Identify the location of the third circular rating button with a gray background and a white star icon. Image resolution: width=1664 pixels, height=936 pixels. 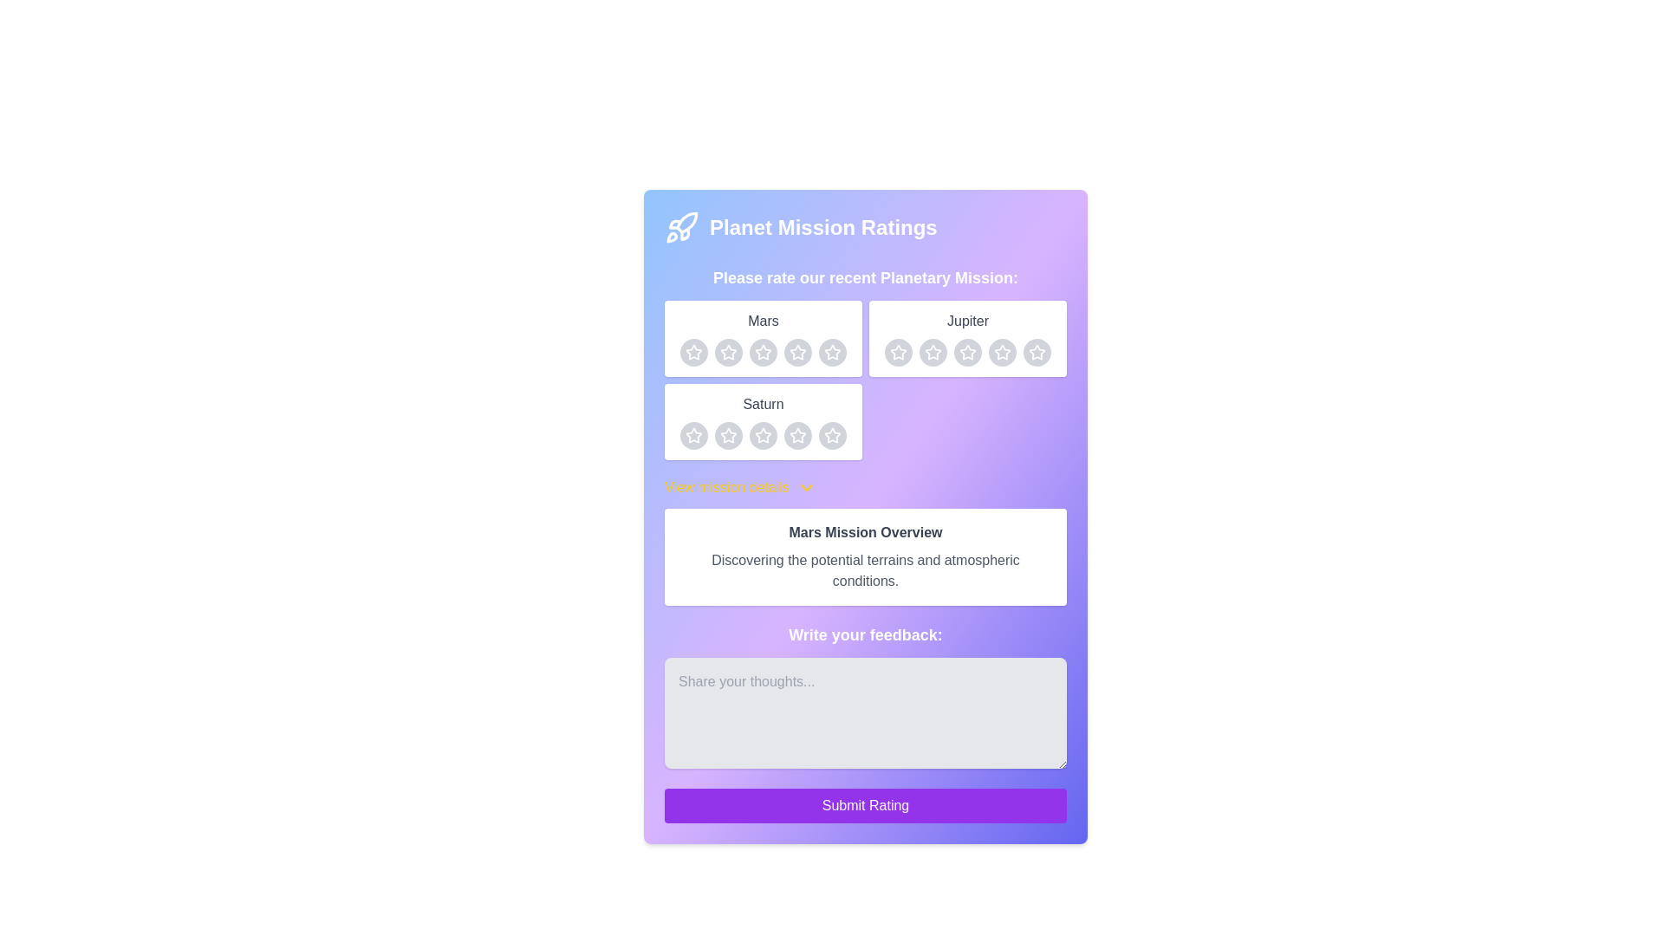
(763, 434).